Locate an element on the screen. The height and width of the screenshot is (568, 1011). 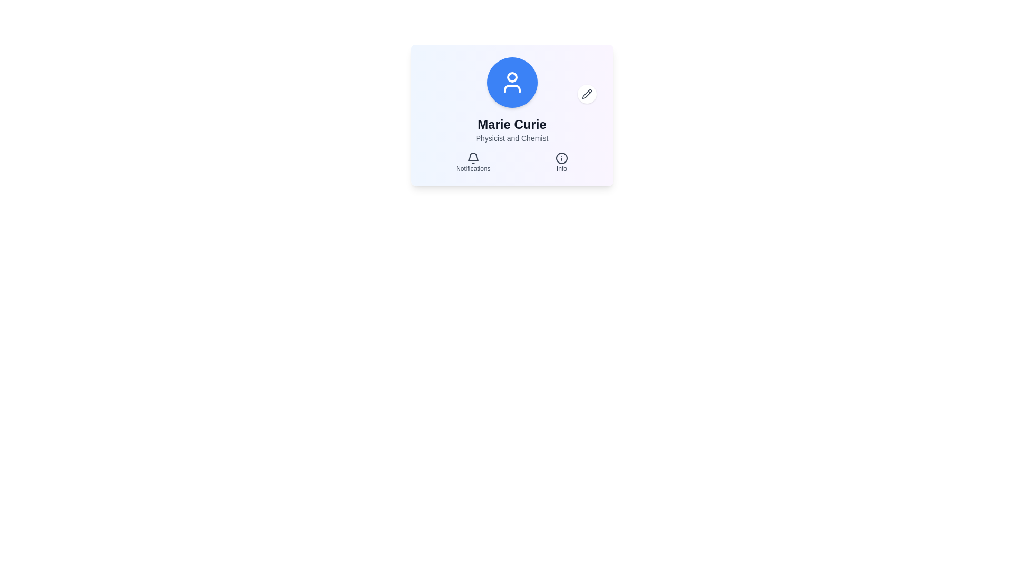
the button that is the second interactive component from the left, located to the right of the 'Notifications' element is located at coordinates (561, 162).